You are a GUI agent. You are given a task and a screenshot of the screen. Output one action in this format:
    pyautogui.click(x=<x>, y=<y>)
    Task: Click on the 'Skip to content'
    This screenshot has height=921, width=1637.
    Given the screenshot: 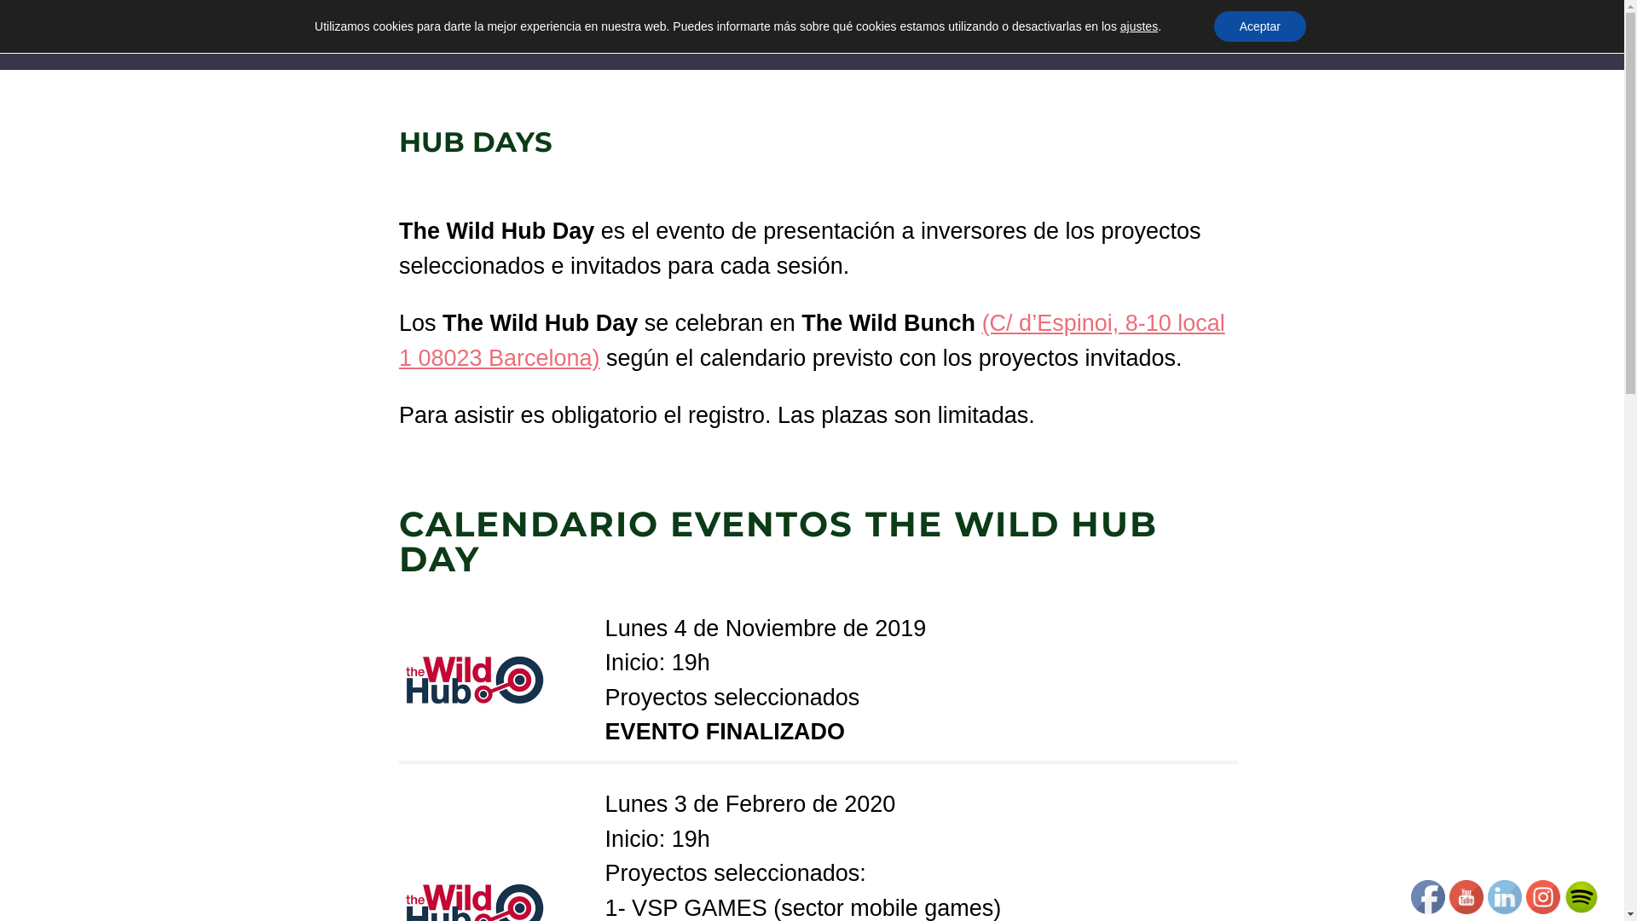 What is the action you would take?
    pyautogui.click(x=0, y=0)
    